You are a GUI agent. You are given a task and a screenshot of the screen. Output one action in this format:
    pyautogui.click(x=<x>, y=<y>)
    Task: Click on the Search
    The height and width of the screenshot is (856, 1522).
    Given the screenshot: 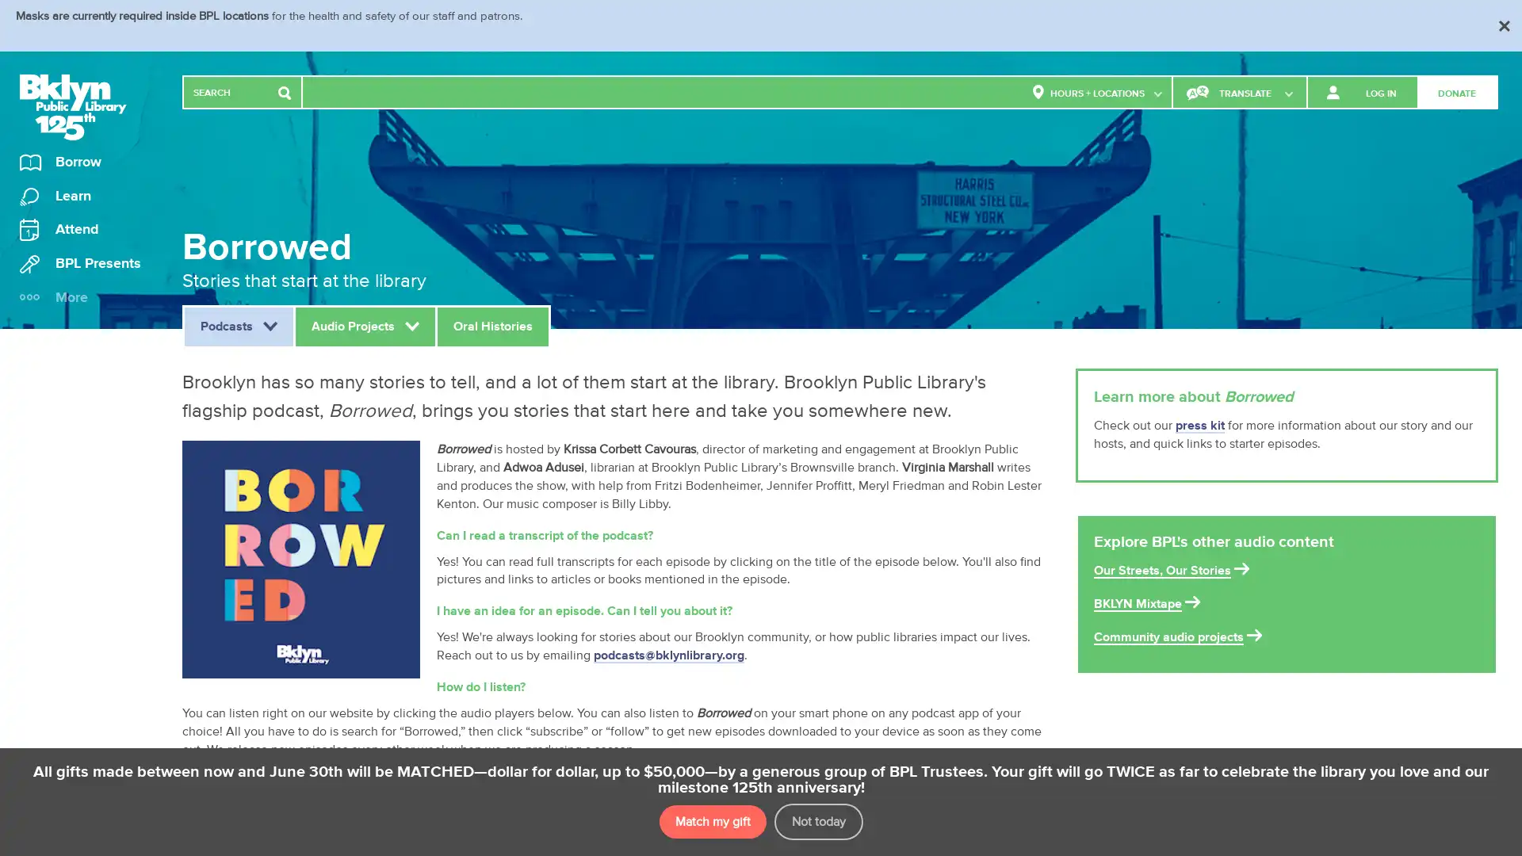 What is the action you would take?
    pyautogui.click(x=285, y=90)
    